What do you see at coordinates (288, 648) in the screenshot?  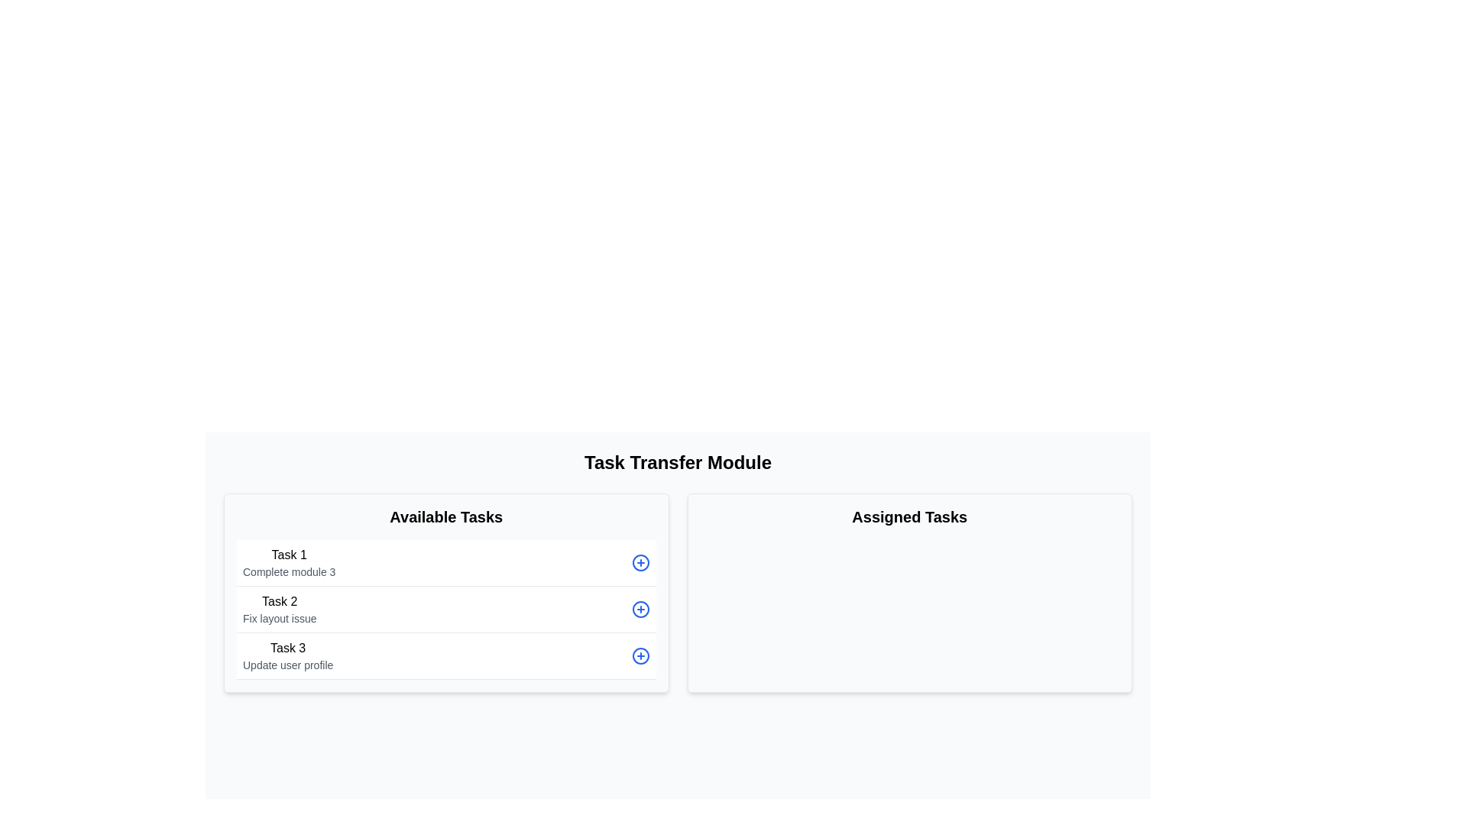 I see `the label identifying the third task in the 'Available Tasks' section of the interface` at bounding box center [288, 648].